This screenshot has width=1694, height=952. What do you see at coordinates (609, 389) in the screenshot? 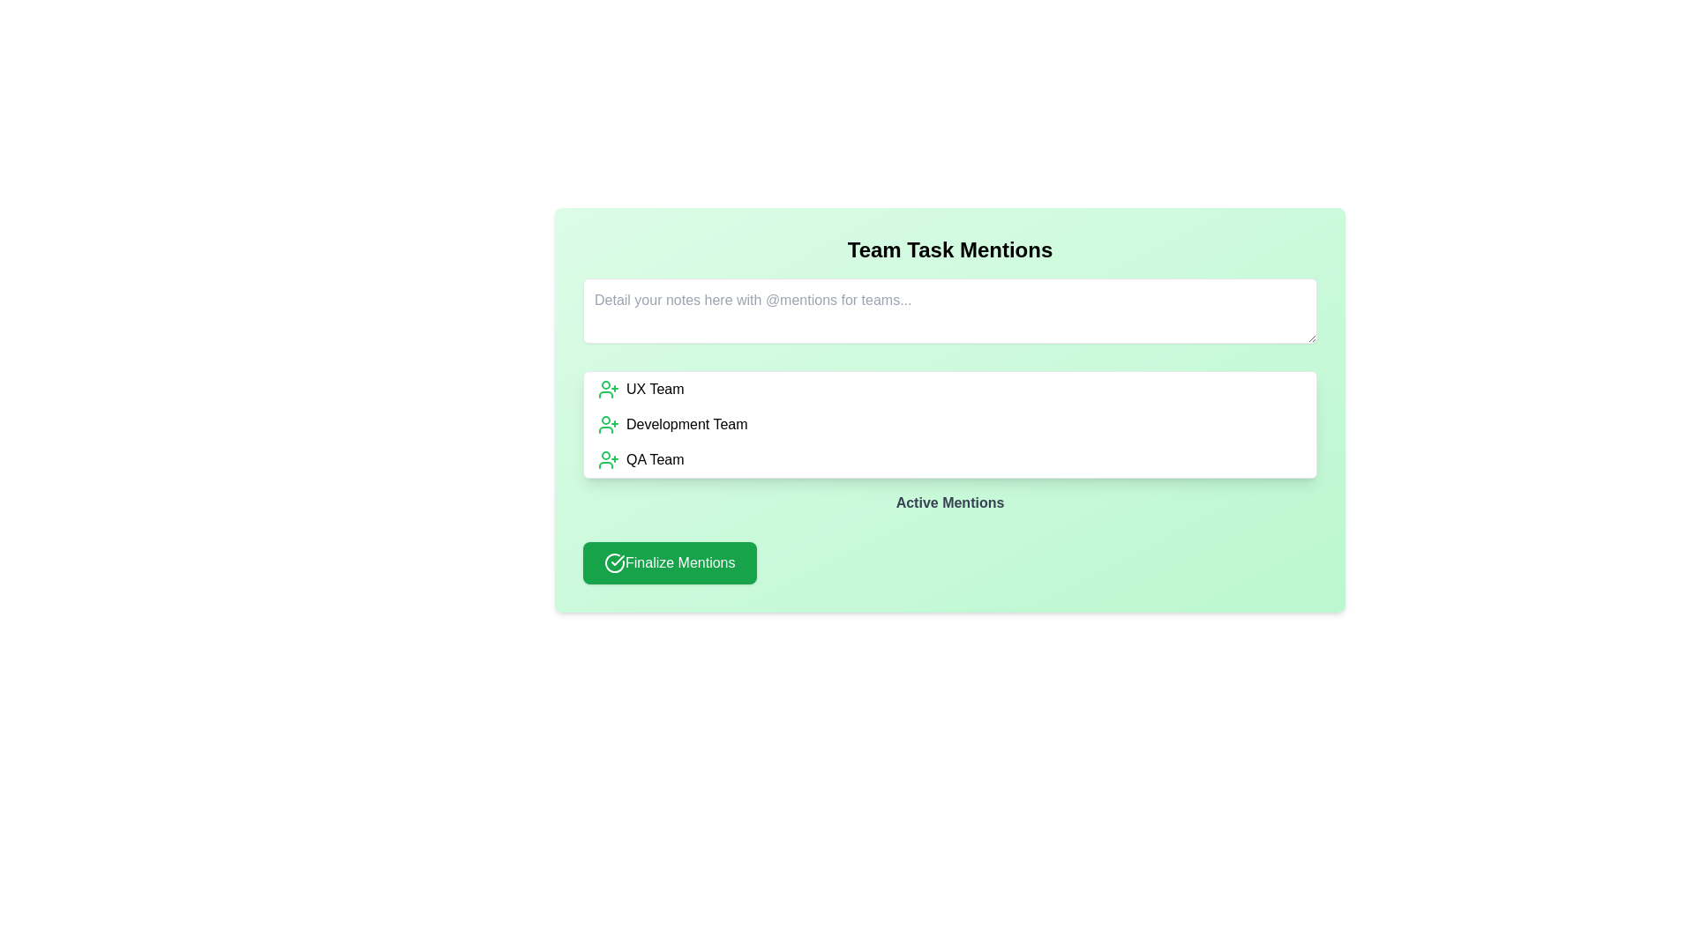
I see `the icon that indicates an action associated with adding or interacting with the 'UX Team', located at the top position in the list of team mentions, directly preceding the text 'UX Team'` at bounding box center [609, 389].